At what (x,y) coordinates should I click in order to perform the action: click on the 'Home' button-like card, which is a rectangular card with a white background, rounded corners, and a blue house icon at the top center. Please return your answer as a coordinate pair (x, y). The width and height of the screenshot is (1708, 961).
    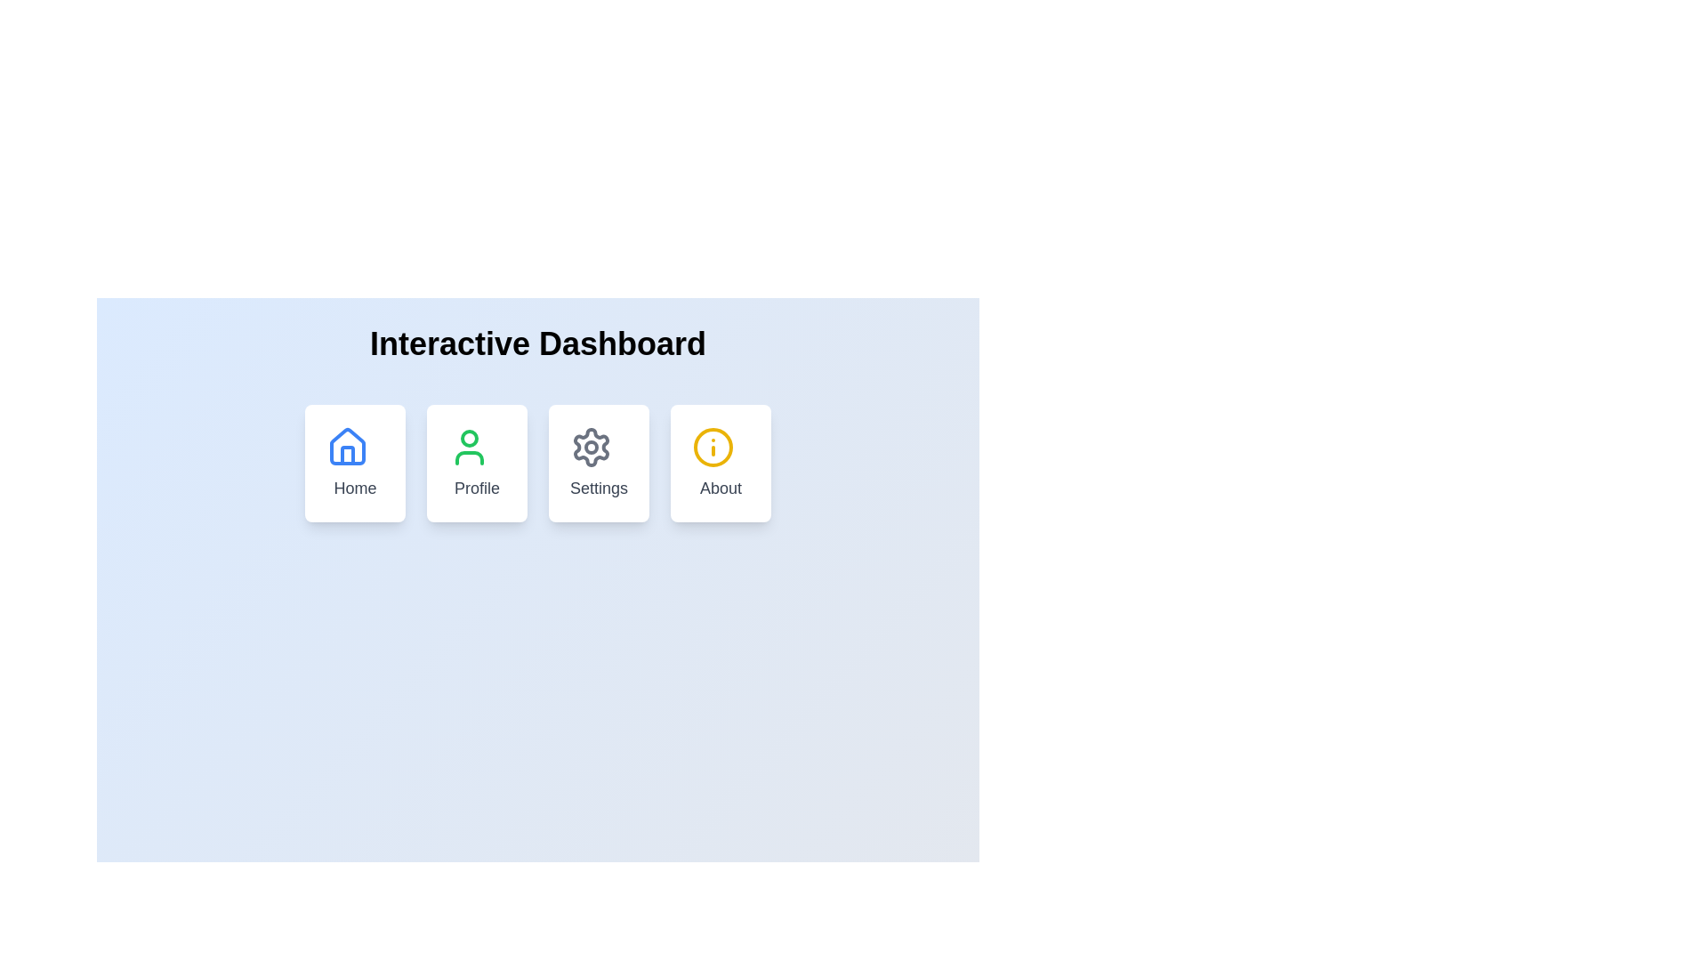
    Looking at the image, I should click on (355, 462).